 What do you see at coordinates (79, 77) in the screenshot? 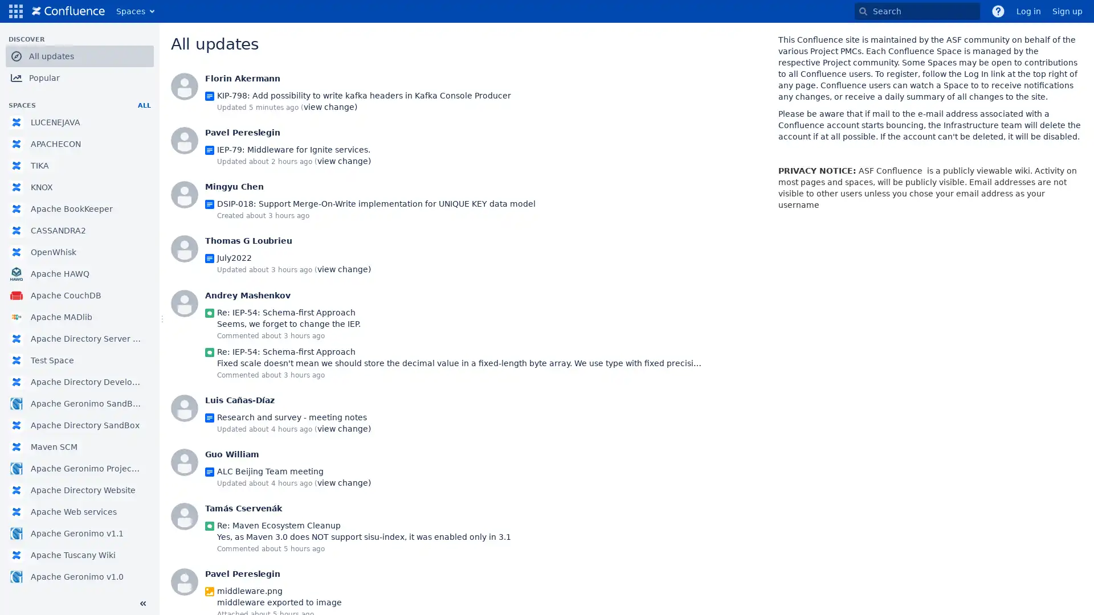
I see `Popular` at bounding box center [79, 77].